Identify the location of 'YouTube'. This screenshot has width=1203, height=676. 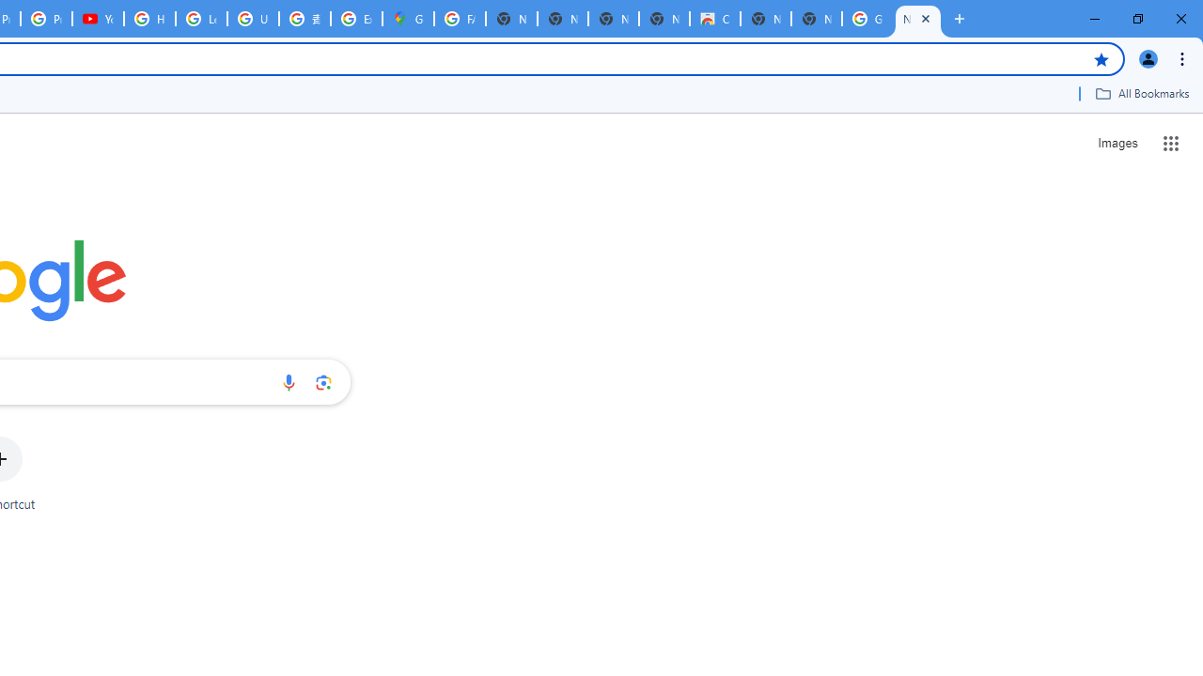
(97, 19).